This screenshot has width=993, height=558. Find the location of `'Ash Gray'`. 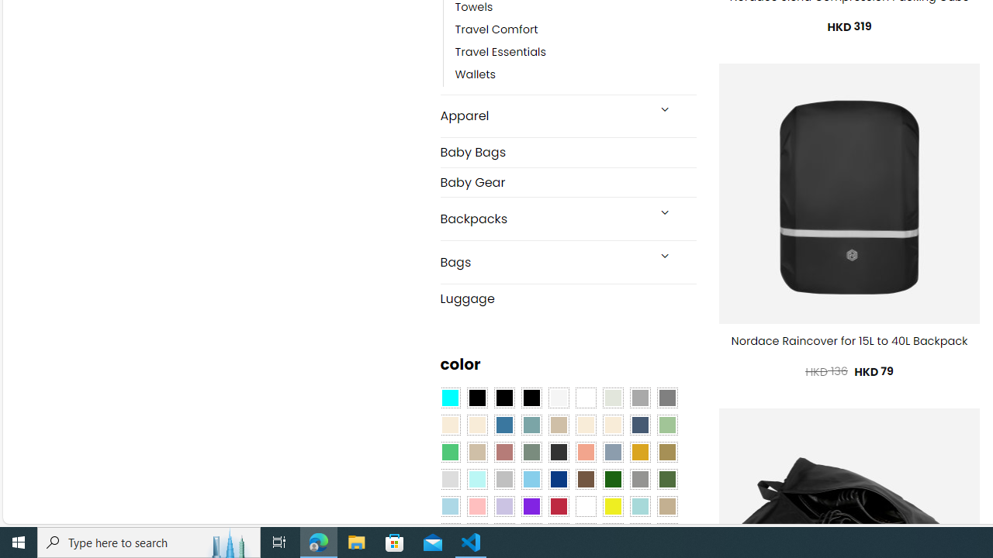

'Ash Gray' is located at coordinates (611, 398).